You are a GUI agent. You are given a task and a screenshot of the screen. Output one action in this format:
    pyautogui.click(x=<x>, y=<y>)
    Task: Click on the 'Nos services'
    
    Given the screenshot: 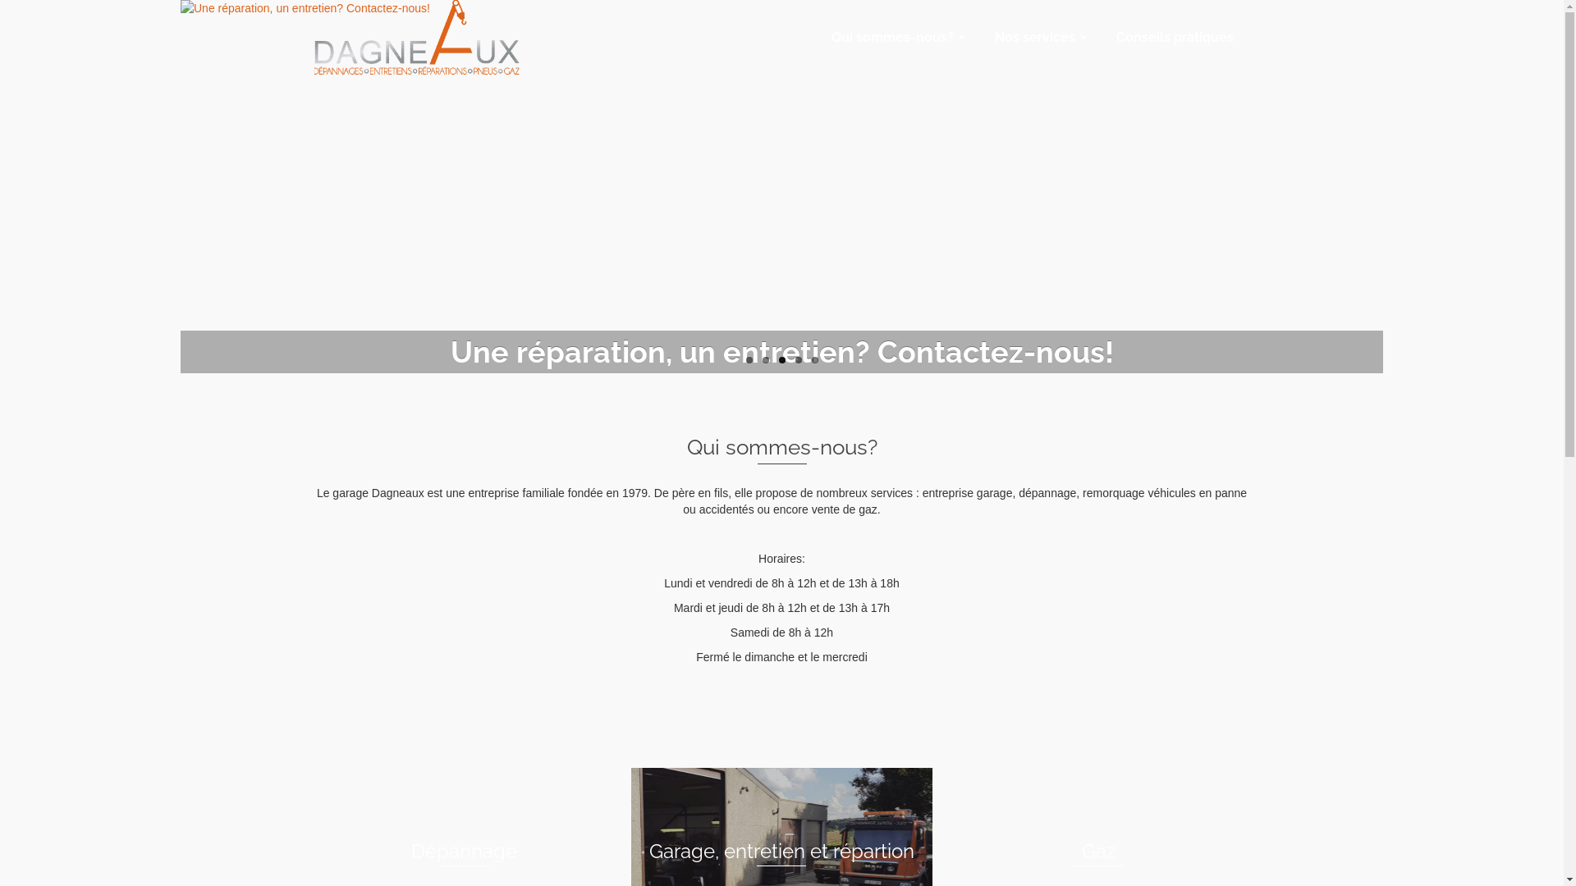 What is the action you would take?
    pyautogui.click(x=978, y=37)
    